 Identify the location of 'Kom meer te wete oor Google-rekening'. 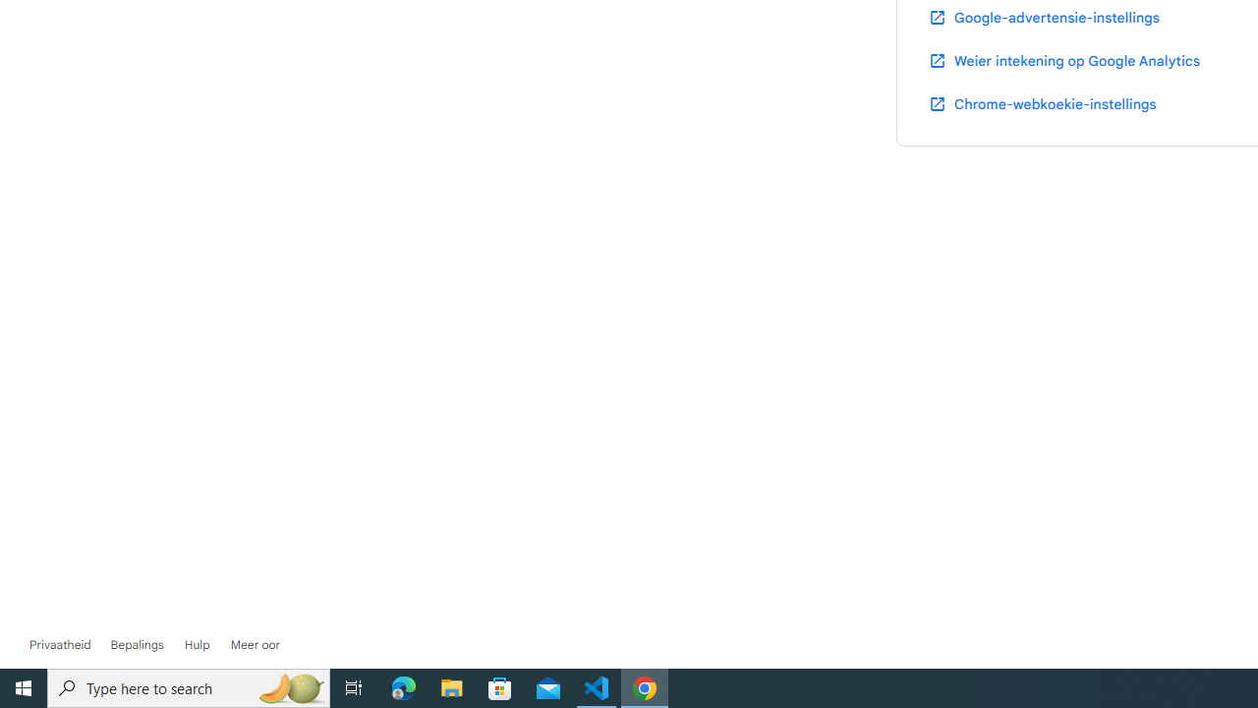
(254, 644).